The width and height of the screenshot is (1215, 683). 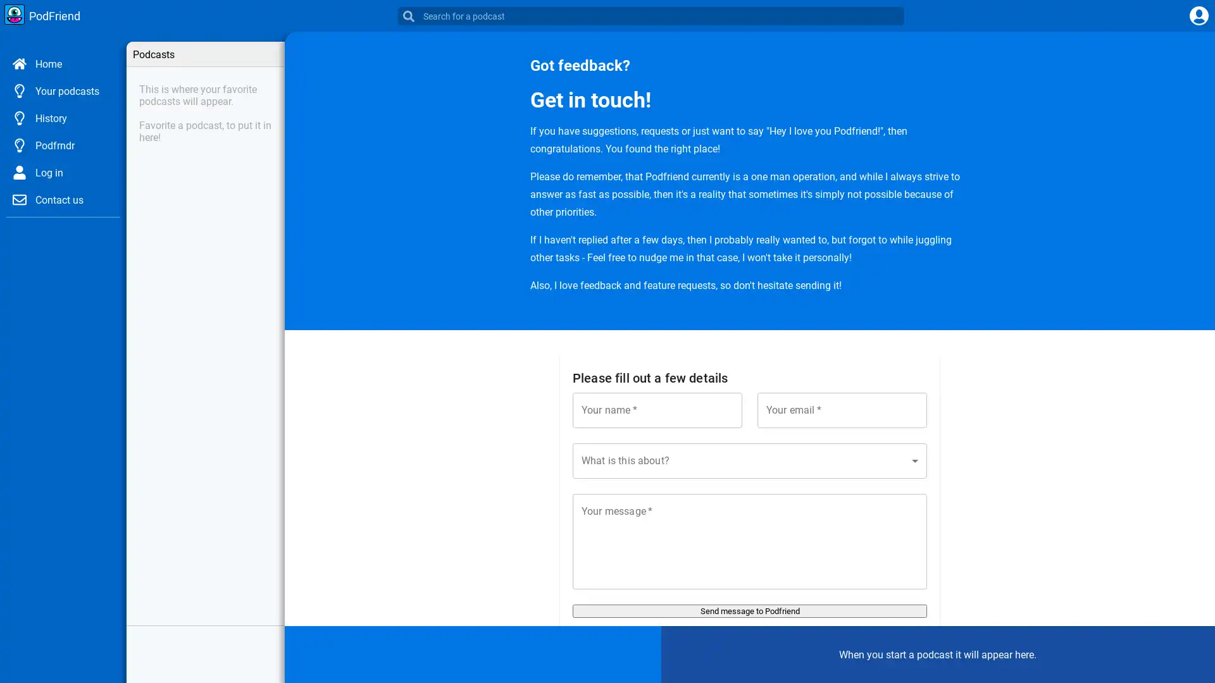 What do you see at coordinates (750, 610) in the screenshot?
I see `Send message to Podfriend` at bounding box center [750, 610].